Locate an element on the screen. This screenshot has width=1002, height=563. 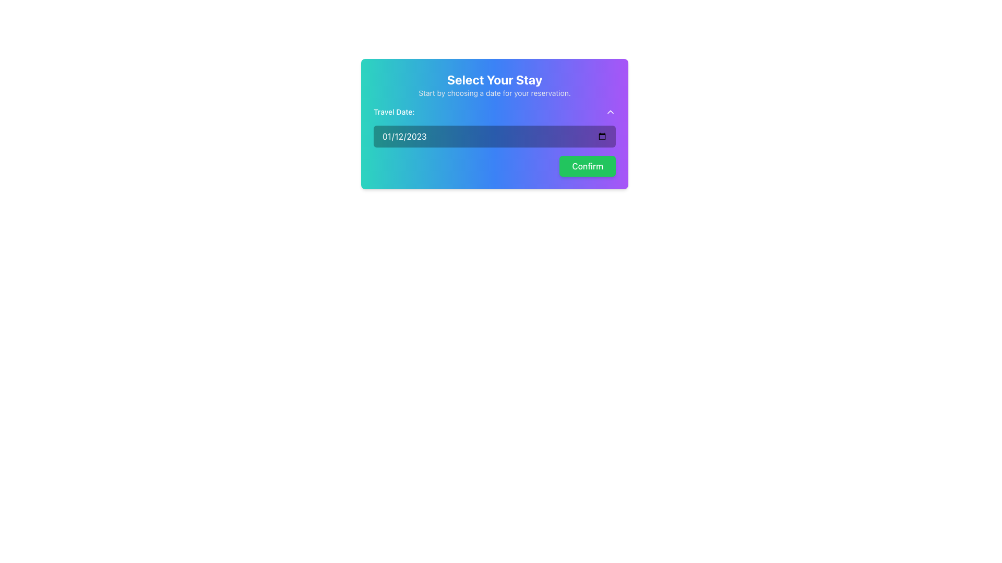
the Text label that indicates the selection of a travel date, positioned to the far-left of the input field and dropdown icon is located at coordinates (393, 112).